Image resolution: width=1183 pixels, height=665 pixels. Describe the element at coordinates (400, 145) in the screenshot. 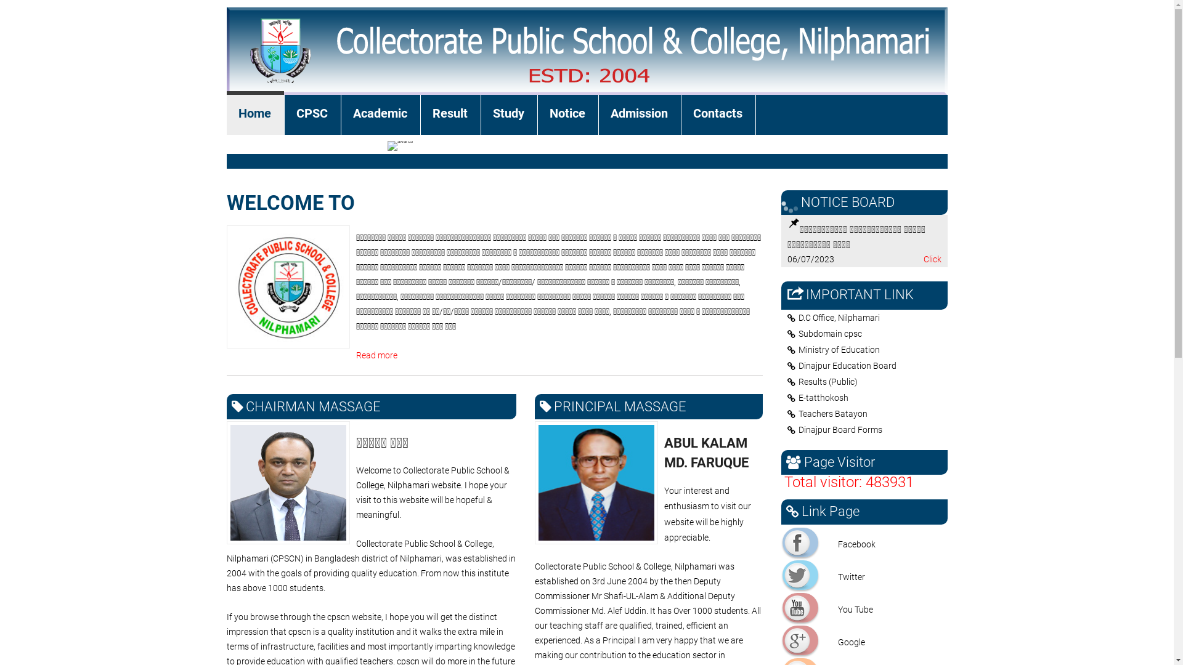

I see `'award3'` at that location.